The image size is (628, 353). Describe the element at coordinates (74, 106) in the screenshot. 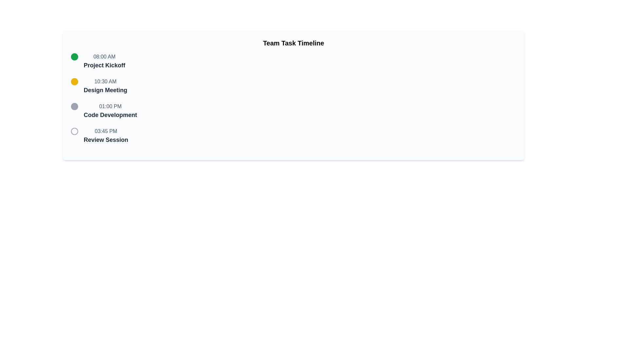

I see `the third SVG circle element in the vertical sequence, which has a gray outline and no fill, adjacent to the '01:00 PM' timestamp and 'Code Development' label` at that location.